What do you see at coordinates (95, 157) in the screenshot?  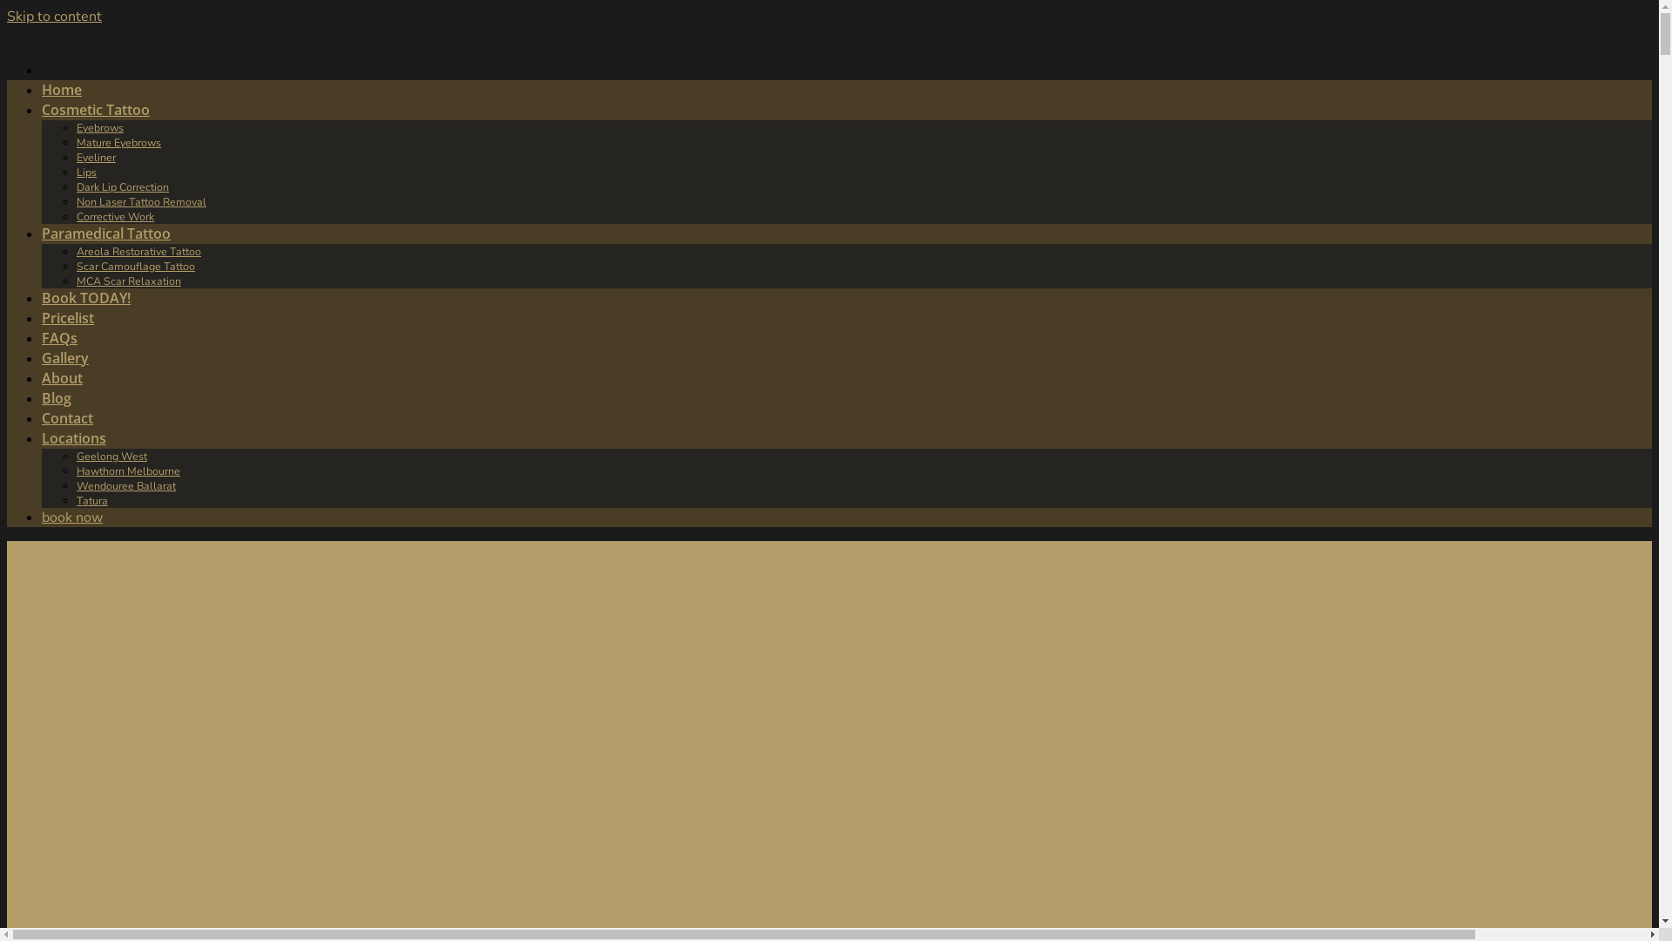 I see `'Eyeliner'` at bounding box center [95, 157].